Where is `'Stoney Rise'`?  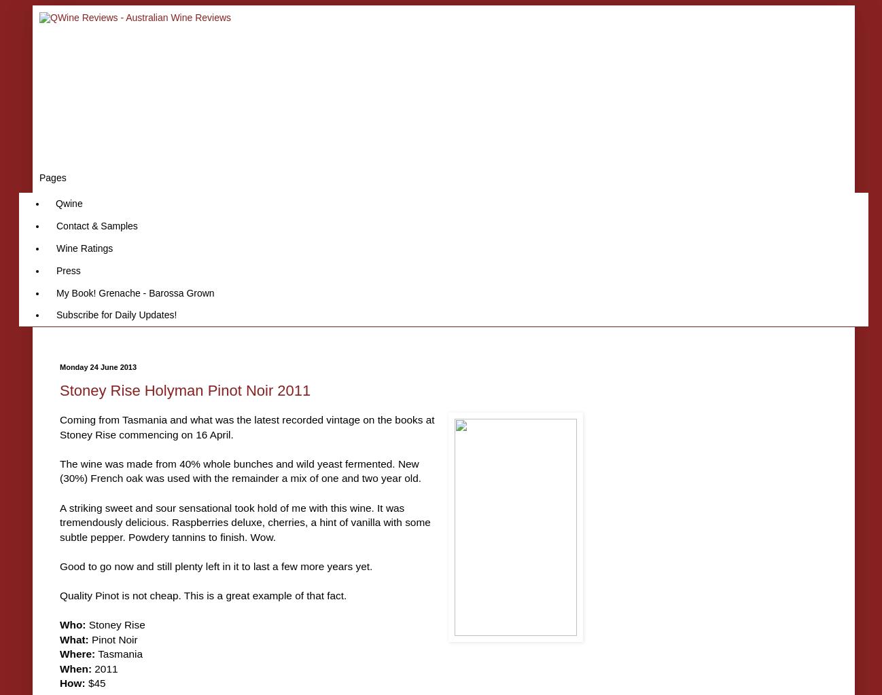
'Stoney Rise' is located at coordinates (114, 624).